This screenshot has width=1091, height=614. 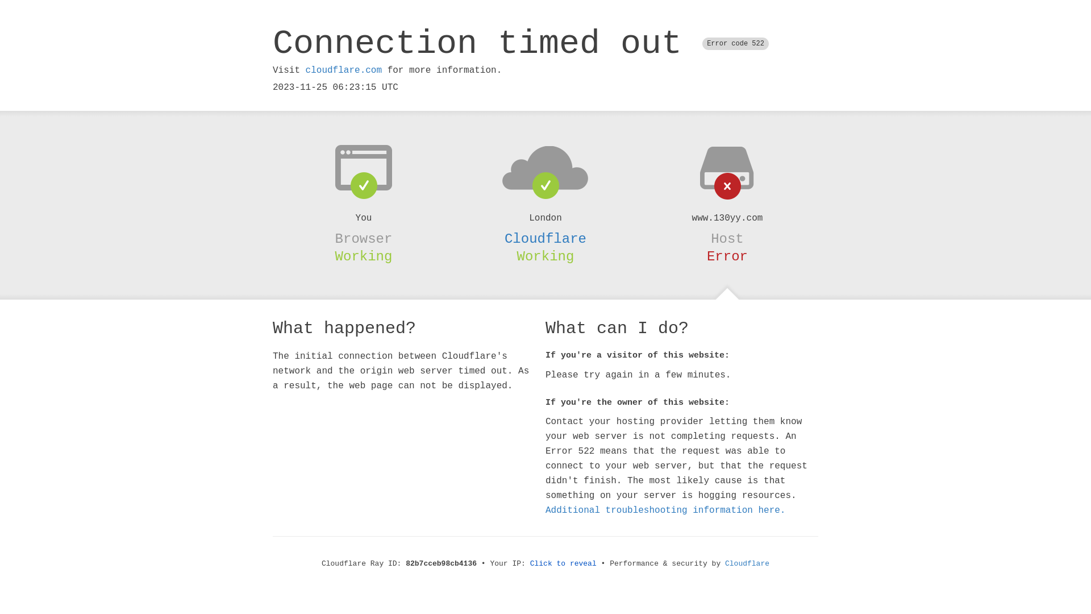 What do you see at coordinates (545, 238) in the screenshot?
I see `'Cloudflare'` at bounding box center [545, 238].